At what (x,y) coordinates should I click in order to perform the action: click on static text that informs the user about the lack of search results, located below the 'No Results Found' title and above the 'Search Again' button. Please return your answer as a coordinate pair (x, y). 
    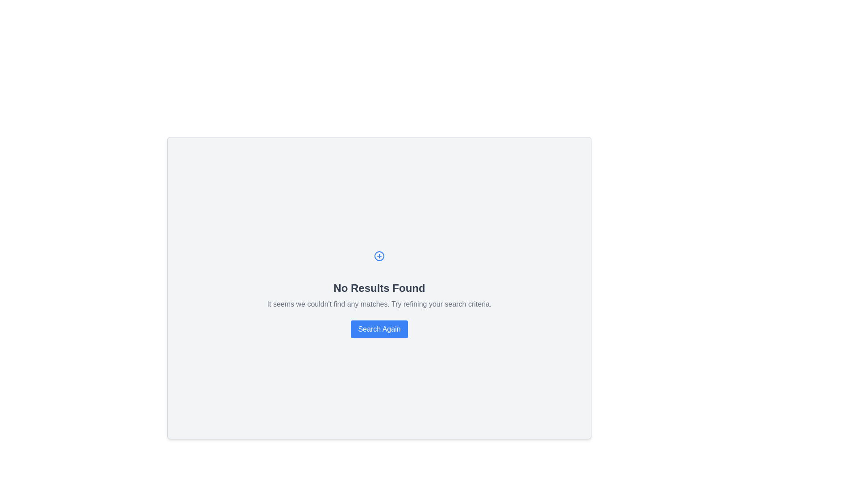
    Looking at the image, I should click on (379, 303).